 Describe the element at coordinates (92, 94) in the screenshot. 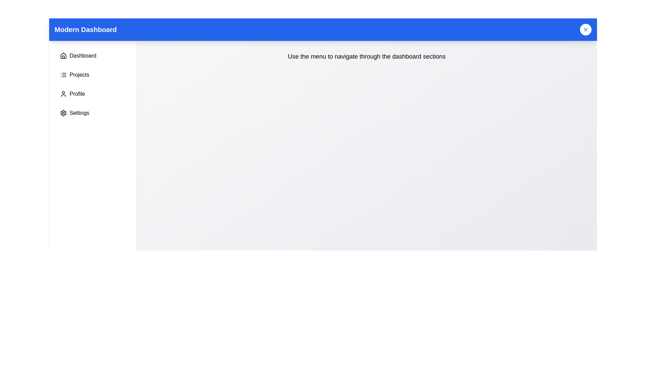

I see `the menu item labeled 'Profile' which is the third item in the left-hand navigation panel` at that location.